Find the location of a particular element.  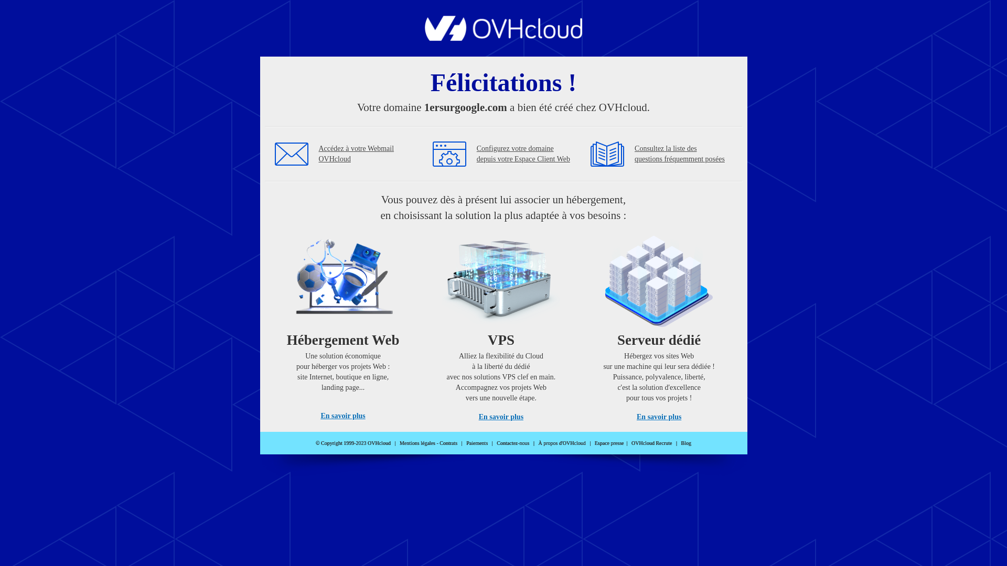

'Configurez votre domaine is located at coordinates (523, 154).